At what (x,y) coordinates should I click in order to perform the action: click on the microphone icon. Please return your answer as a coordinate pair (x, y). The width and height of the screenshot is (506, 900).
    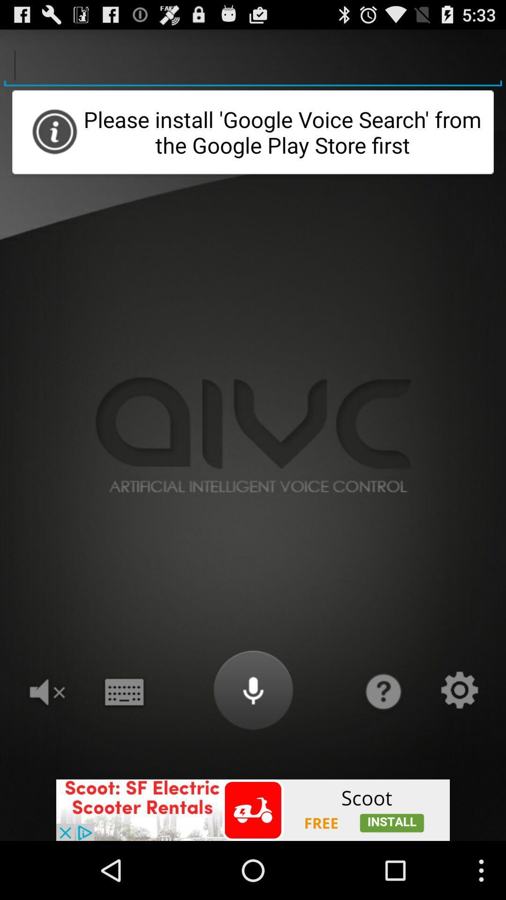
    Looking at the image, I should click on (253, 738).